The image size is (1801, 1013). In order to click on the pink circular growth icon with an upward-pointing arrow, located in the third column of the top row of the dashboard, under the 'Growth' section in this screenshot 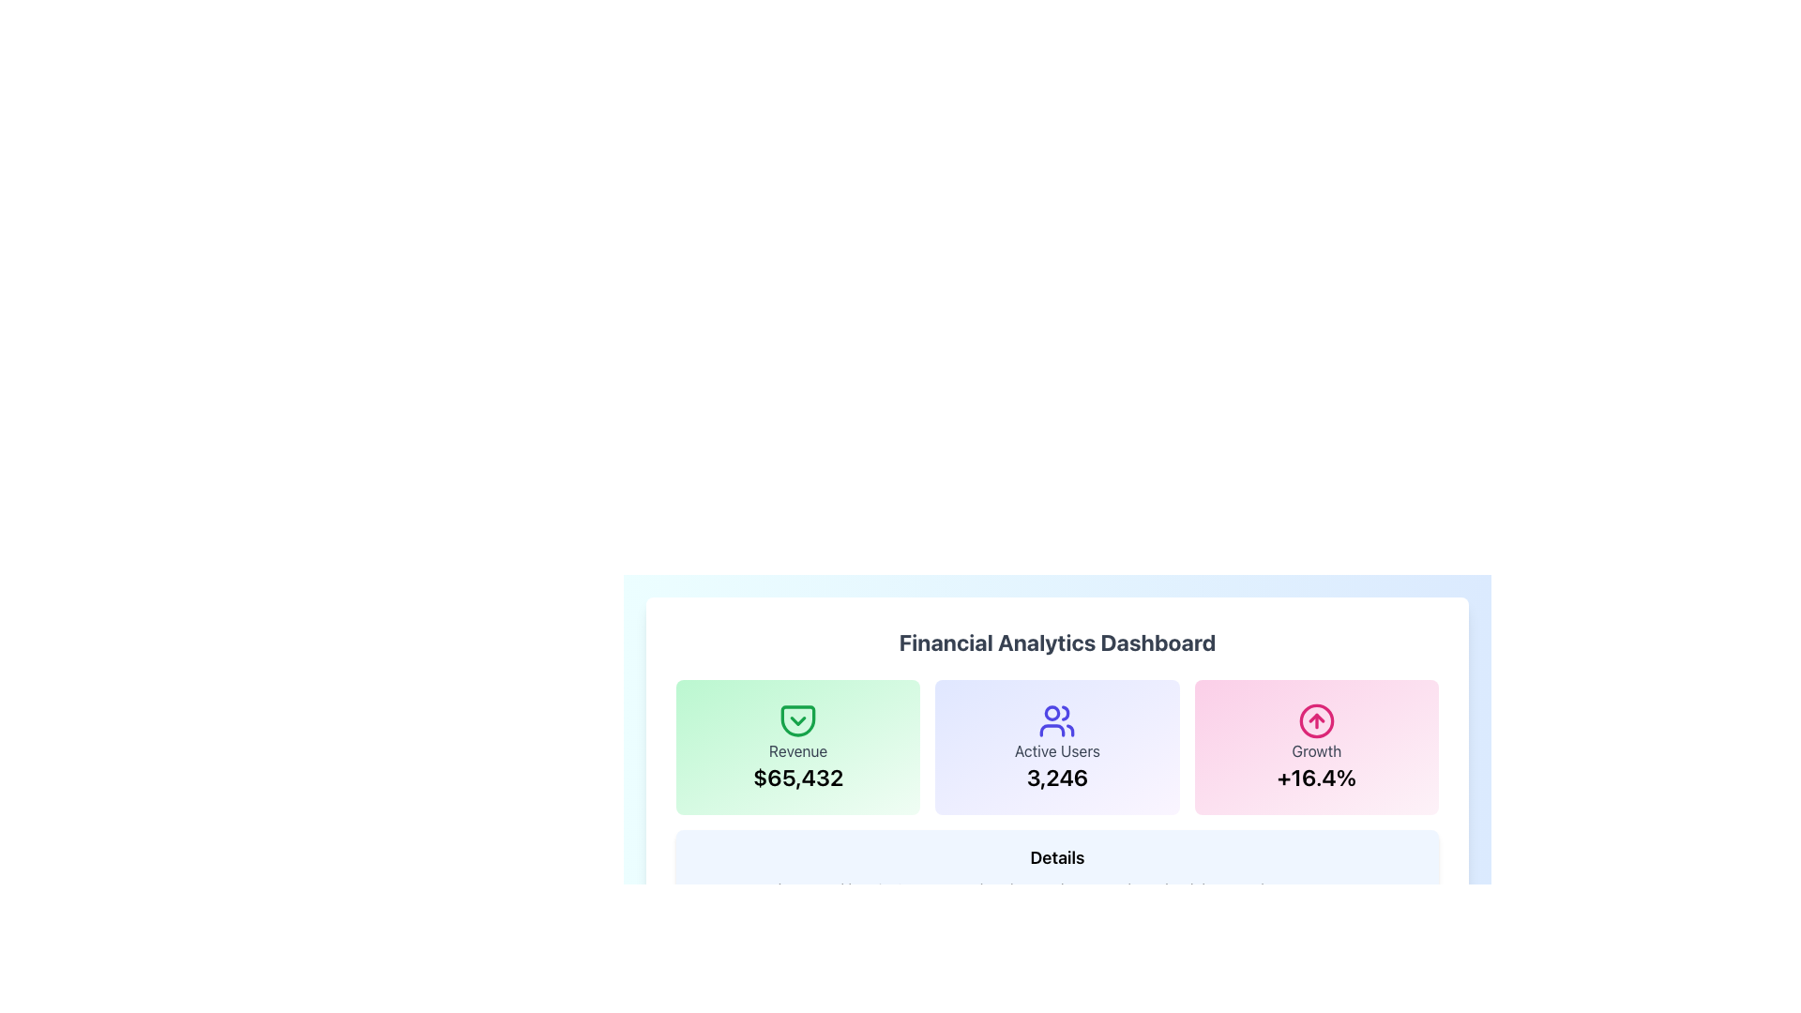, I will do `click(1315, 719)`.